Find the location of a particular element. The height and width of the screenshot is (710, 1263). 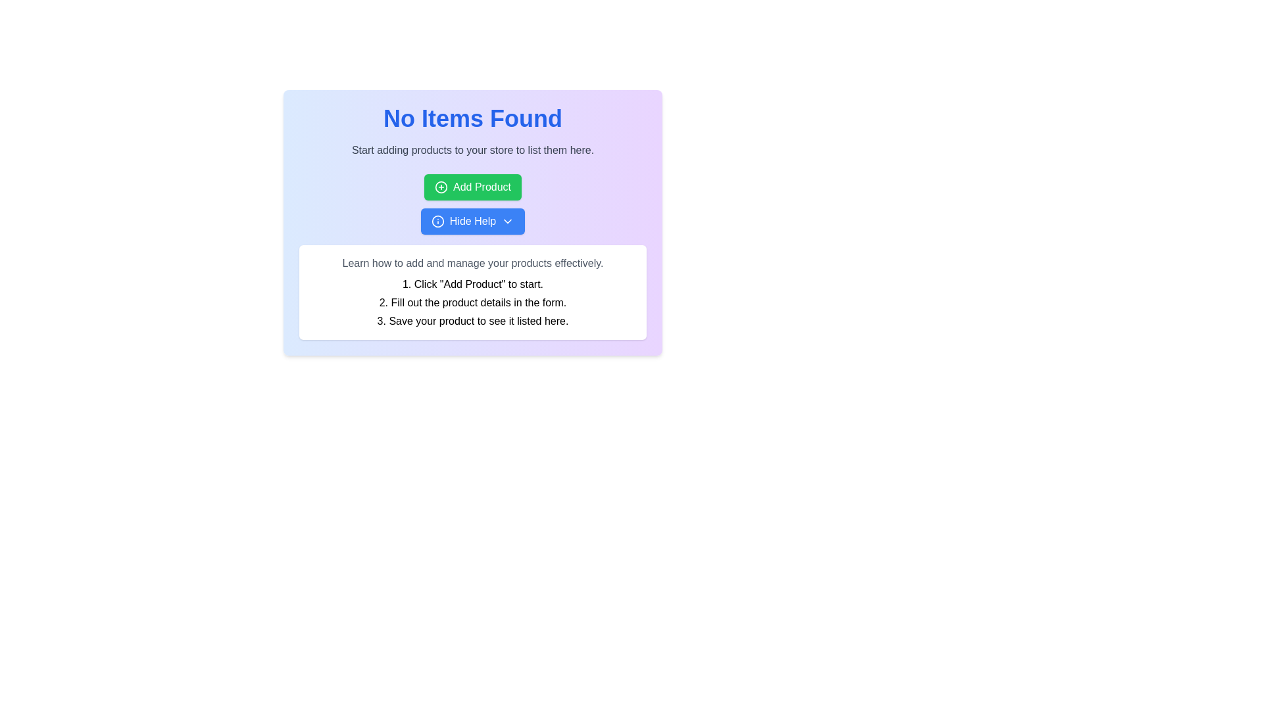

the 'Hide Help' button, which is styled with a blue background, white text, and contains a circular information icon on the left and a downward arrow icon on the right is located at coordinates (473, 220).